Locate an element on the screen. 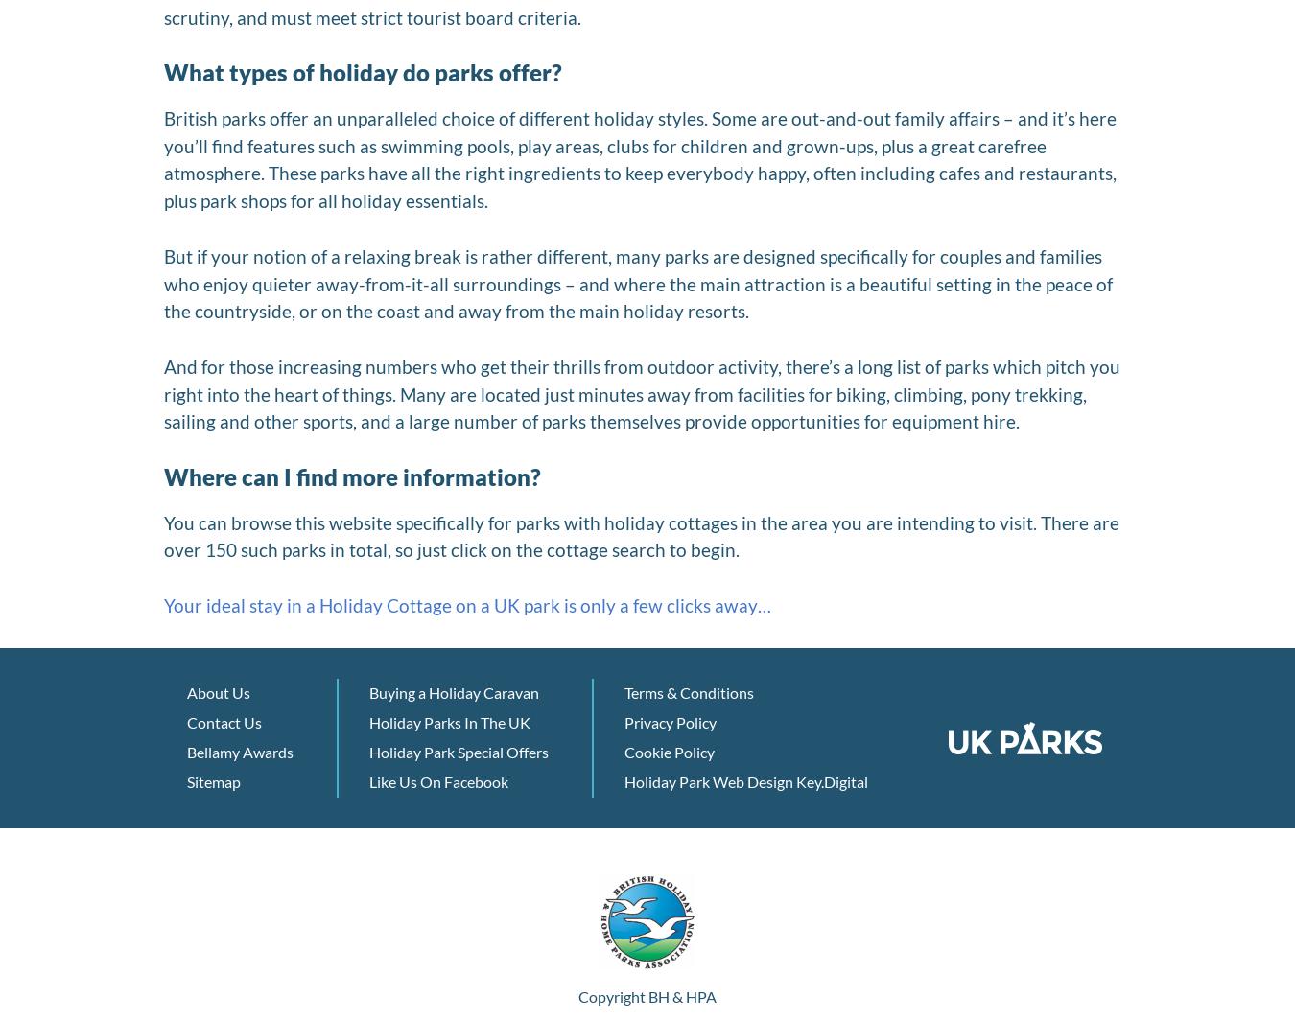 This screenshot has width=1295, height=1020. 'Cookie Policy' is located at coordinates (668, 752).